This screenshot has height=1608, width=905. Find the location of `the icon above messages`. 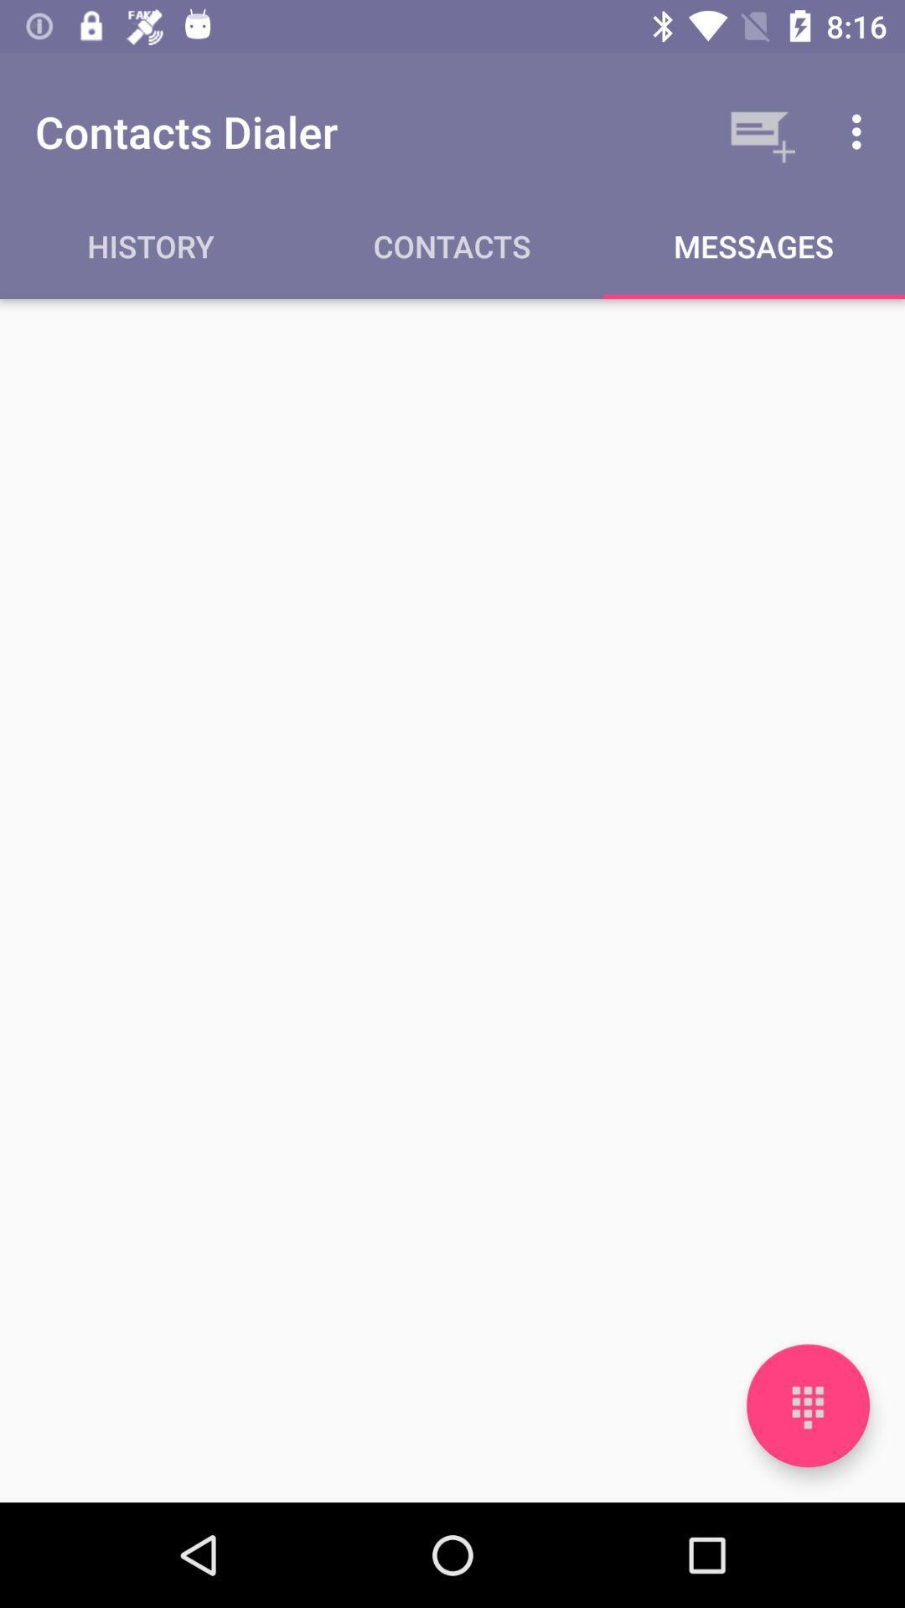

the icon above messages is located at coordinates (759, 131).